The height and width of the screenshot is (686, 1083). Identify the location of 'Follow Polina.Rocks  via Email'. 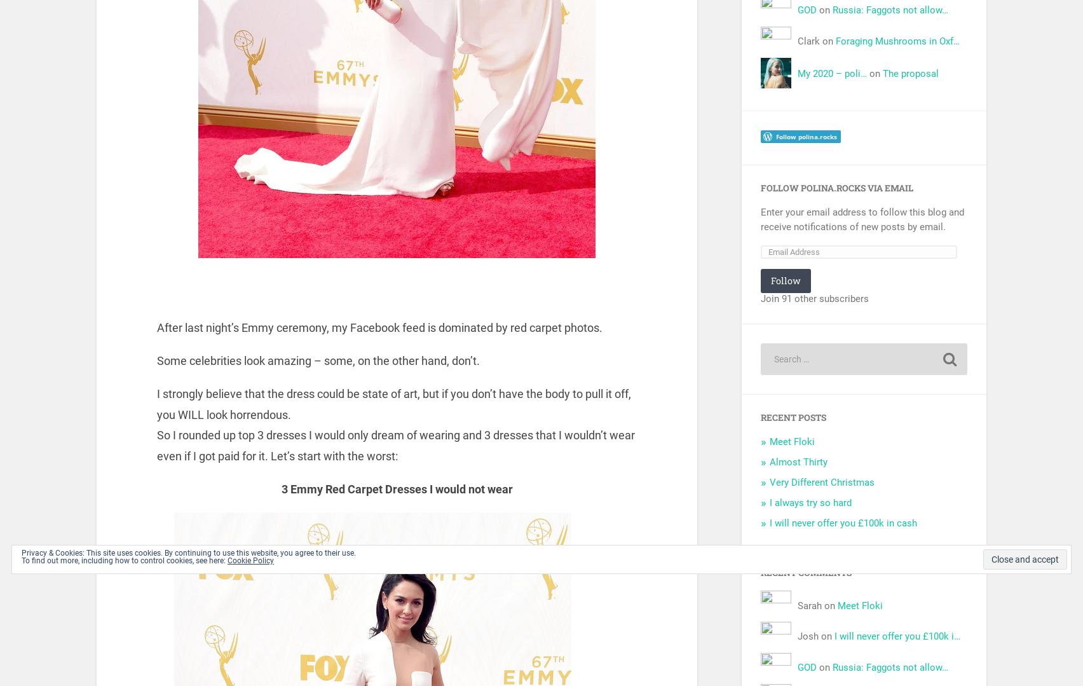
(837, 186).